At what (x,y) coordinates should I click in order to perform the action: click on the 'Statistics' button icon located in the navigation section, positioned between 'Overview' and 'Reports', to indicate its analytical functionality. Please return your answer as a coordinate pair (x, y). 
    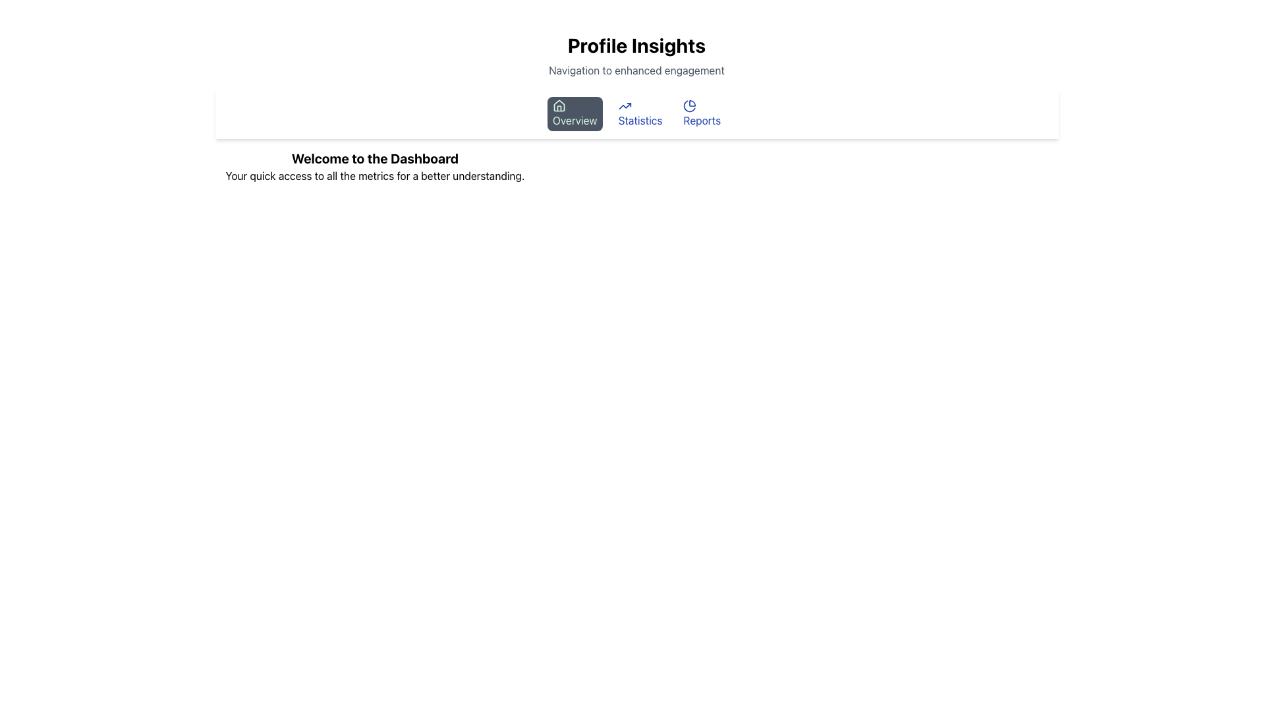
    Looking at the image, I should click on (624, 105).